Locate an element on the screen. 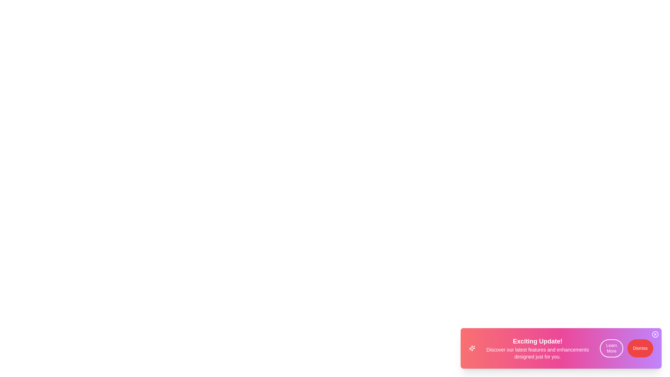 The image size is (670, 377). the button Learn More to observe its hover effect is located at coordinates (611, 348).